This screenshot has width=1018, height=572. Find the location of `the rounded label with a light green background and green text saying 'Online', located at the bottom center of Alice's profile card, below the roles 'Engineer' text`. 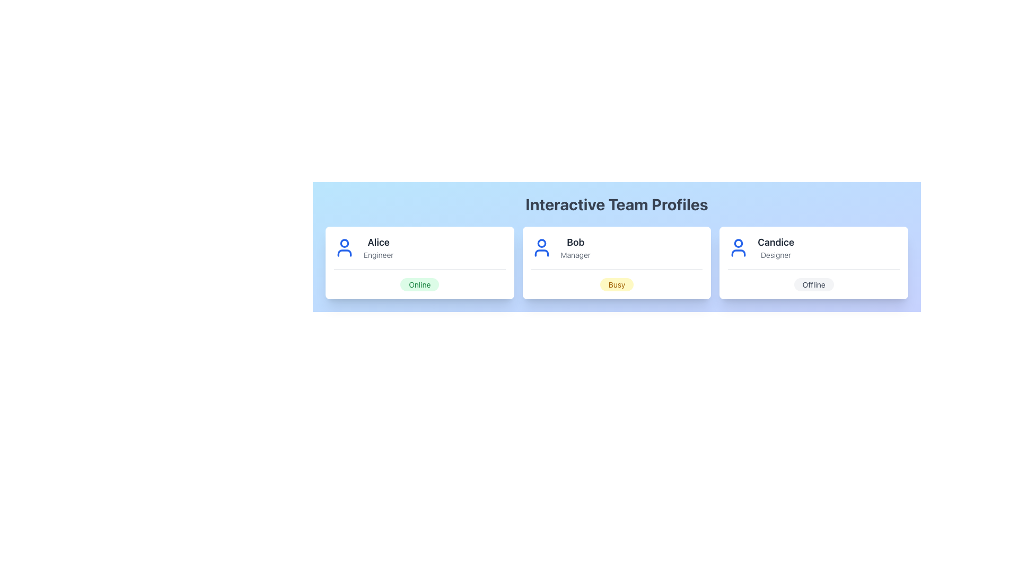

the rounded label with a light green background and green text saying 'Online', located at the bottom center of Alice's profile card, below the roles 'Engineer' text is located at coordinates (419, 279).